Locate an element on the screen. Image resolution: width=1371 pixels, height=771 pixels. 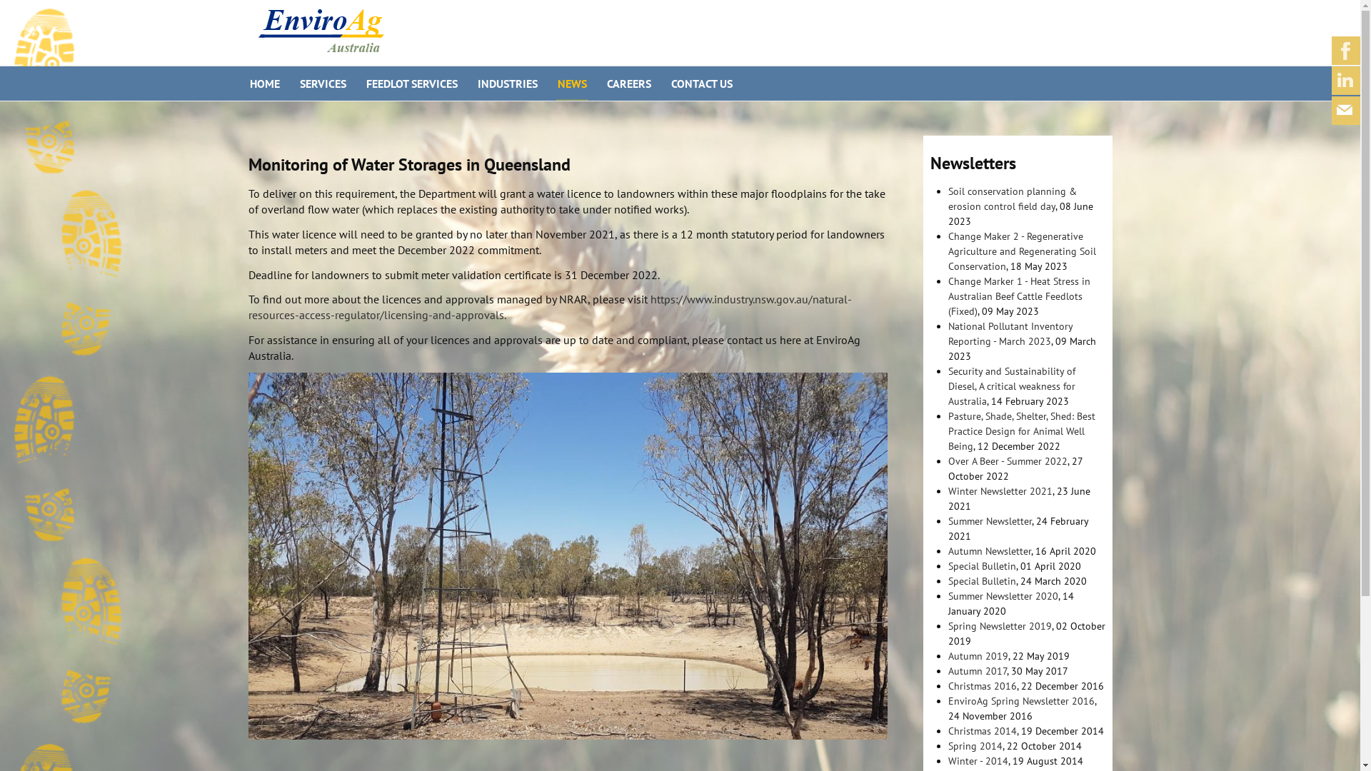
'HOME' is located at coordinates (264, 83).